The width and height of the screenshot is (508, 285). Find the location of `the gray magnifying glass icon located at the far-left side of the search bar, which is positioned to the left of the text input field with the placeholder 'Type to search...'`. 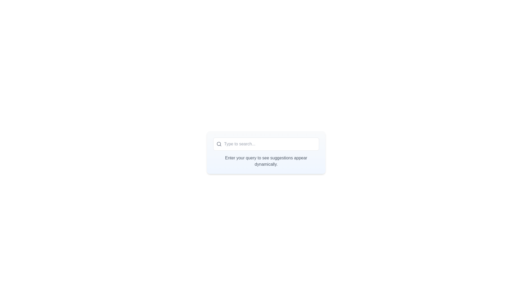

the gray magnifying glass icon located at the far-left side of the search bar, which is positioned to the left of the text input field with the placeholder 'Type to search...' is located at coordinates (217, 144).